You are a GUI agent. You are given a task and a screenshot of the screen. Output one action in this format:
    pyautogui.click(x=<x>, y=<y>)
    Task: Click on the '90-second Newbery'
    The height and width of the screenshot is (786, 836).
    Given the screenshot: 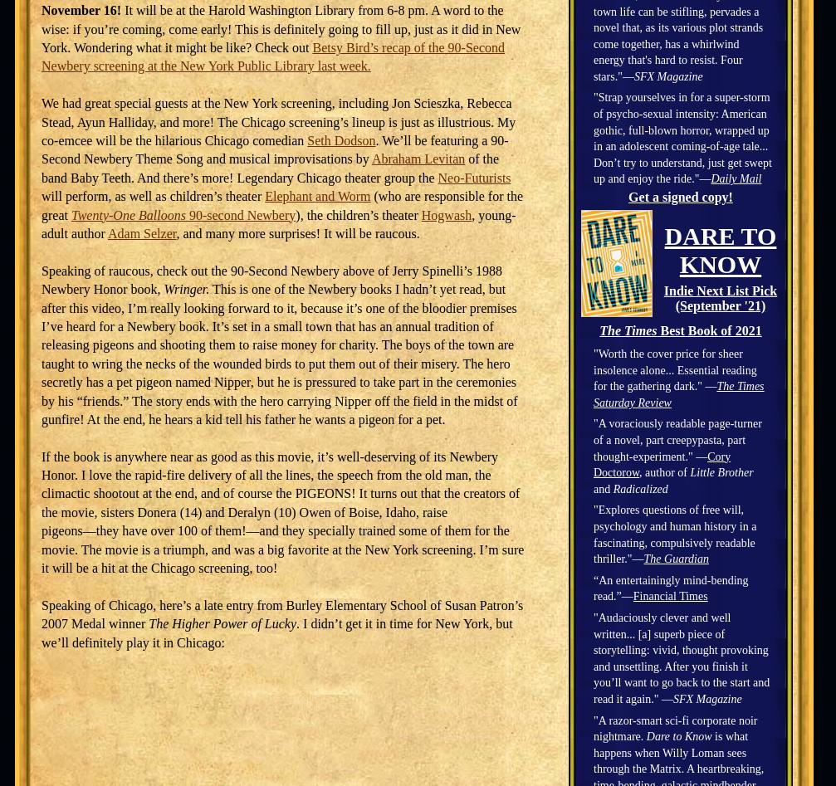 What is the action you would take?
    pyautogui.click(x=184, y=214)
    